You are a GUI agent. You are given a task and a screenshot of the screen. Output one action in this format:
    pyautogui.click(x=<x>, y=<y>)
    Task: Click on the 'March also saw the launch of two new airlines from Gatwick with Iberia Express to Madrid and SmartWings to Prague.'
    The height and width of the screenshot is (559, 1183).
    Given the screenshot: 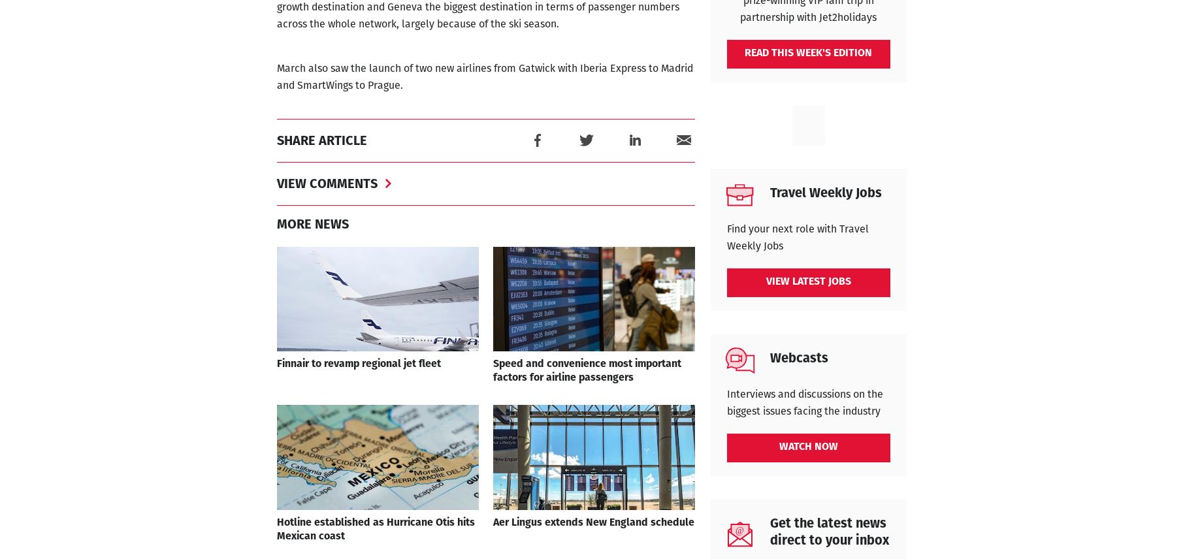 What is the action you would take?
    pyautogui.click(x=483, y=76)
    